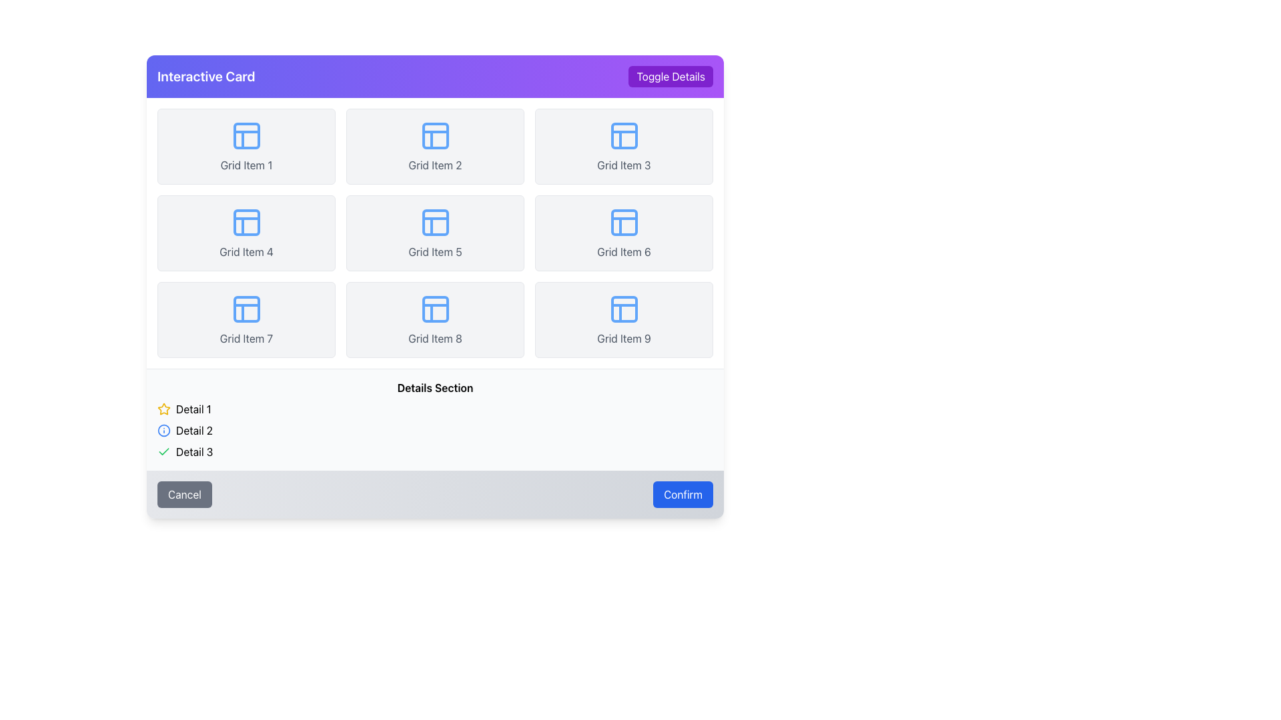 The width and height of the screenshot is (1281, 720). What do you see at coordinates (623, 136) in the screenshot?
I see `square-shaped icon with a blue outline and a '+' shape inside, located in the tile labeled 'Grid Item 3' in the top row of the 3x3 grid layout` at bounding box center [623, 136].